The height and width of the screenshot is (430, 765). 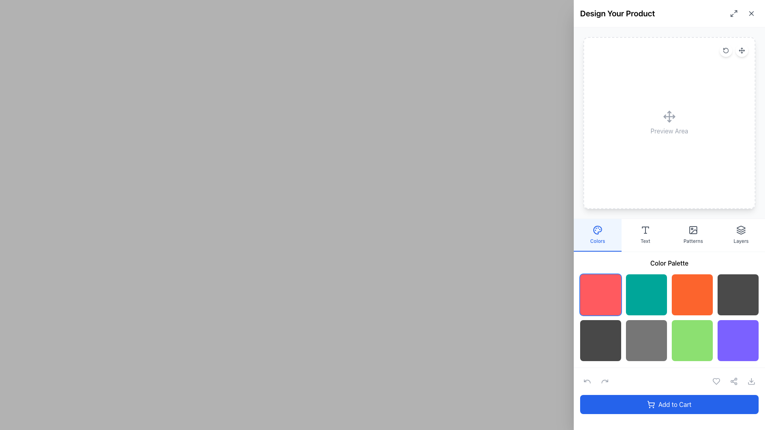 What do you see at coordinates (604, 381) in the screenshot?
I see `the redo button located in the top-right corner of the interface, which is the second button in a horizontally aligned group of action icons, to redo the last action performed in the editor` at bounding box center [604, 381].